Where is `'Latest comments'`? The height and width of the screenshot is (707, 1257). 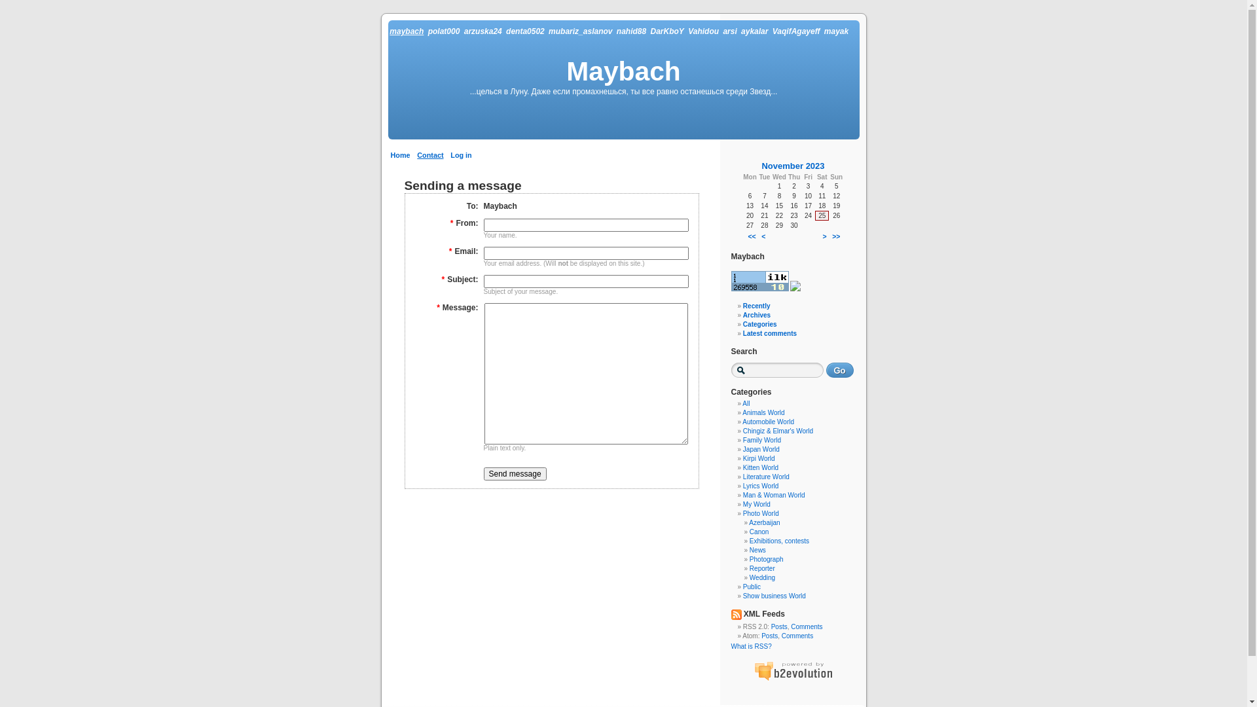 'Latest comments' is located at coordinates (742, 333).